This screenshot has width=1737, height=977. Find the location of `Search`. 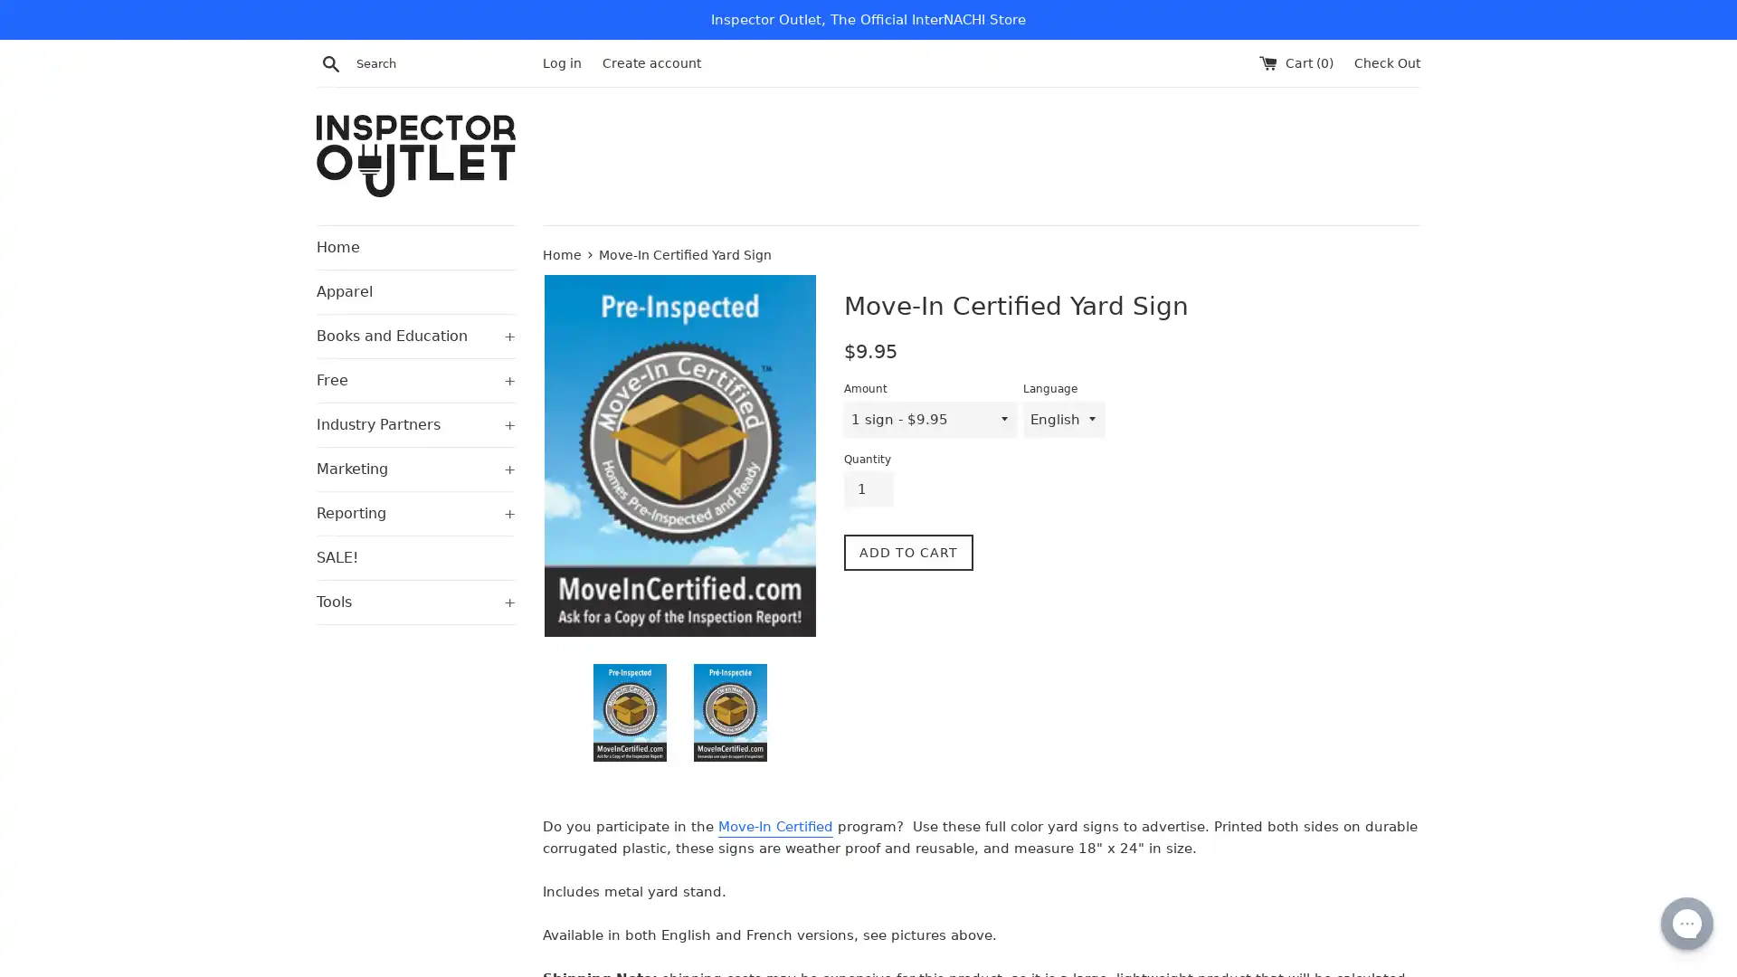

Search is located at coordinates (330, 62).